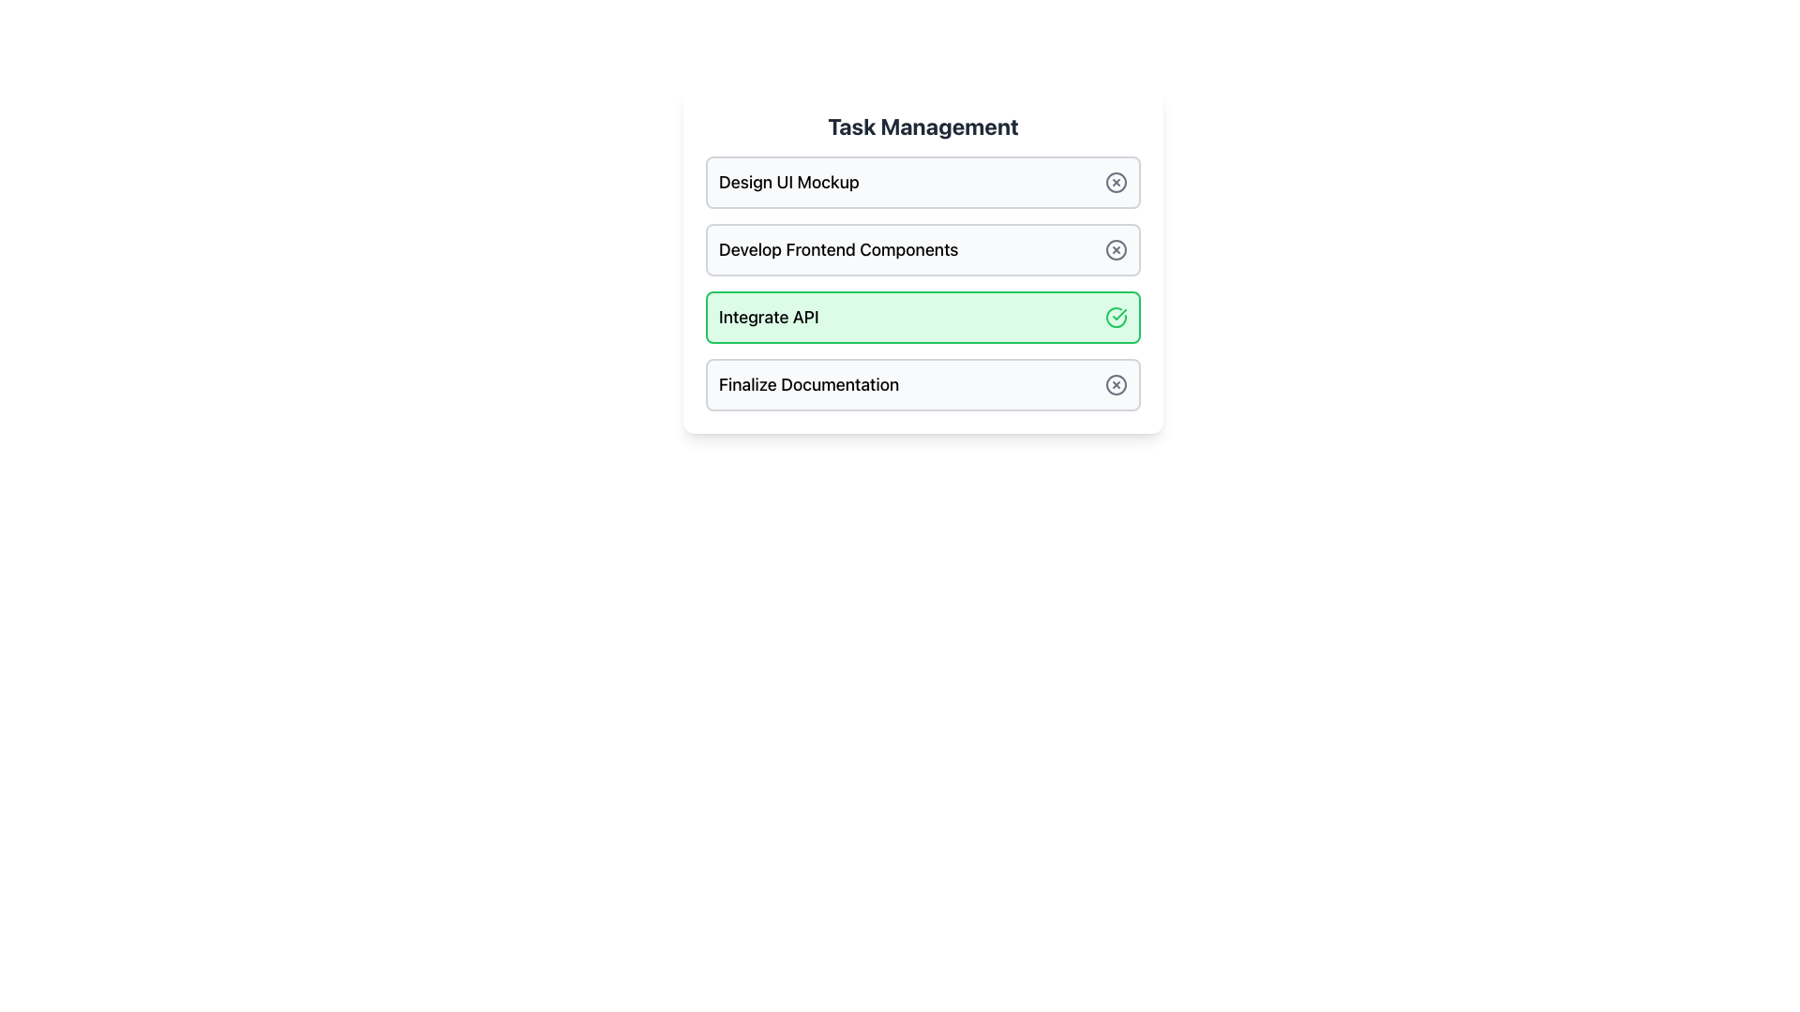 The image size is (1800, 1012). Describe the element at coordinates (1116, 183) in the screenshot. I see `the close icon button, which is a circle with a cross inside` at that location.